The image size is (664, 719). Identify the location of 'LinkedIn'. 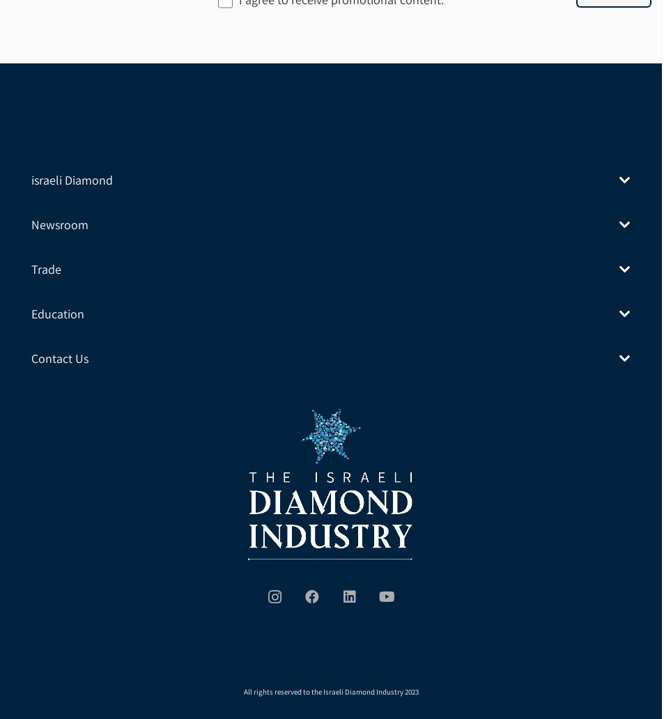
(349, 546).